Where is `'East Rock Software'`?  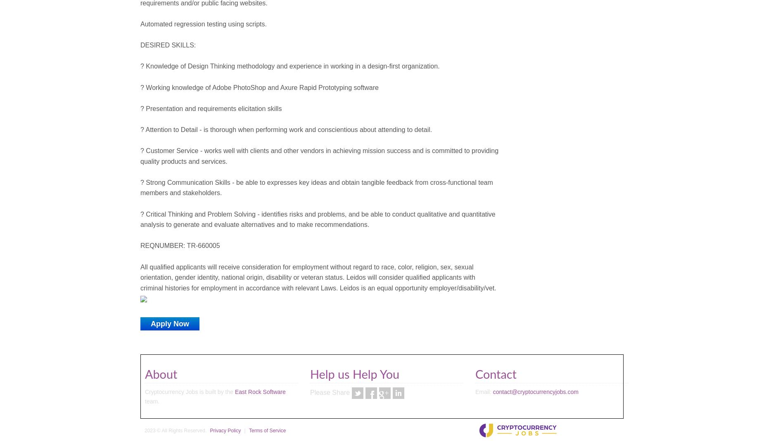 'East Rock Software' is located at coordinates (260, 391).